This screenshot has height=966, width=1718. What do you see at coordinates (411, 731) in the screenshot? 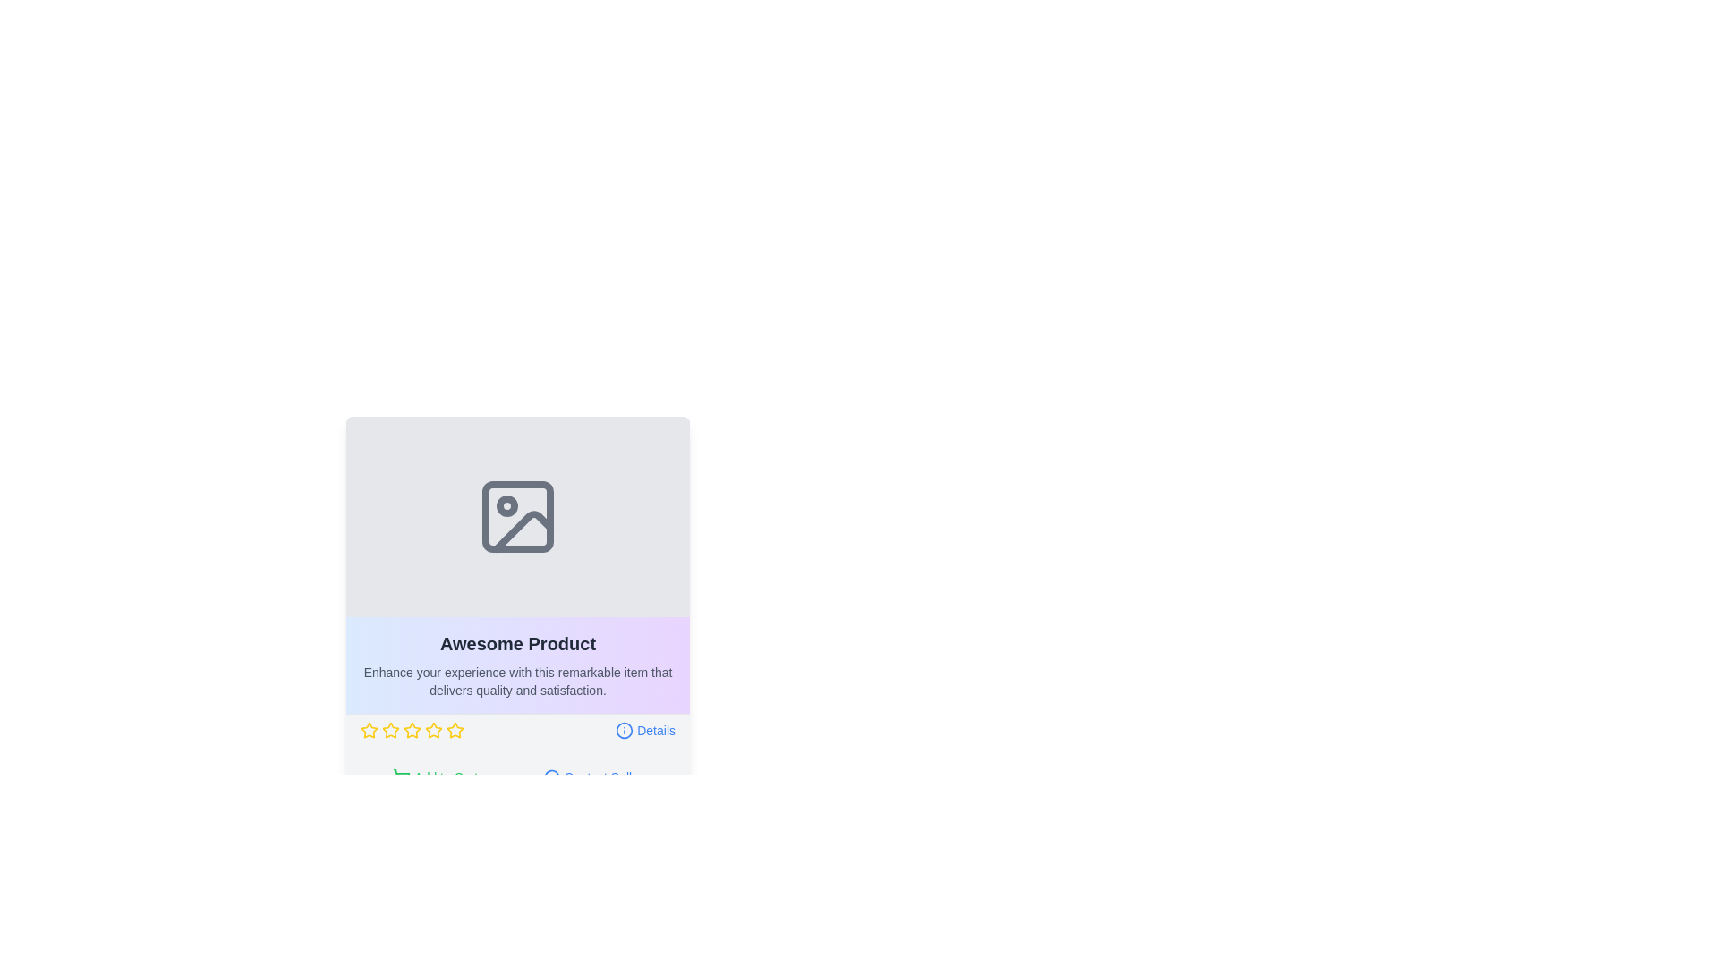
I see `the third yellow star icon` at bounding box center [411, 731].